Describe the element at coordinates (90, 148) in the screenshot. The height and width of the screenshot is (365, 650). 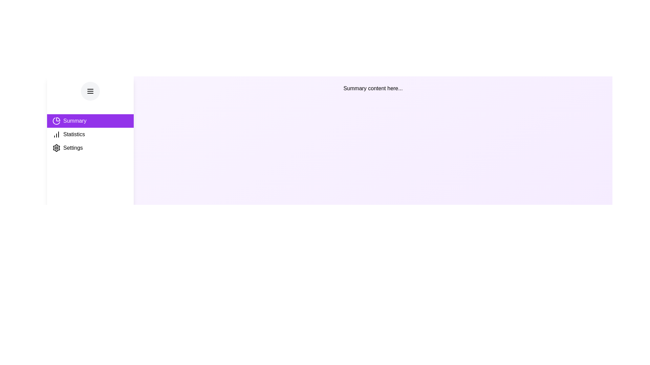
I see `the Settings tab from the sidebar menu` at that location.